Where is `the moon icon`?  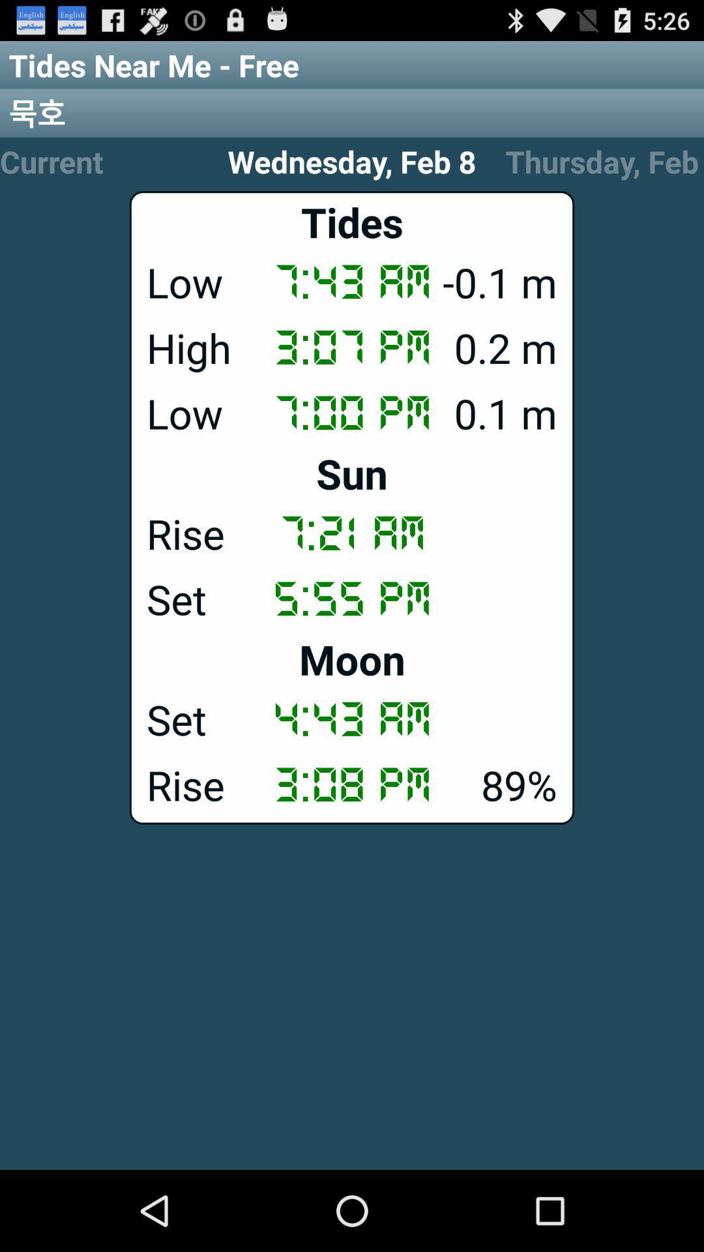 the moon icon is located at coordinates (352, 659).